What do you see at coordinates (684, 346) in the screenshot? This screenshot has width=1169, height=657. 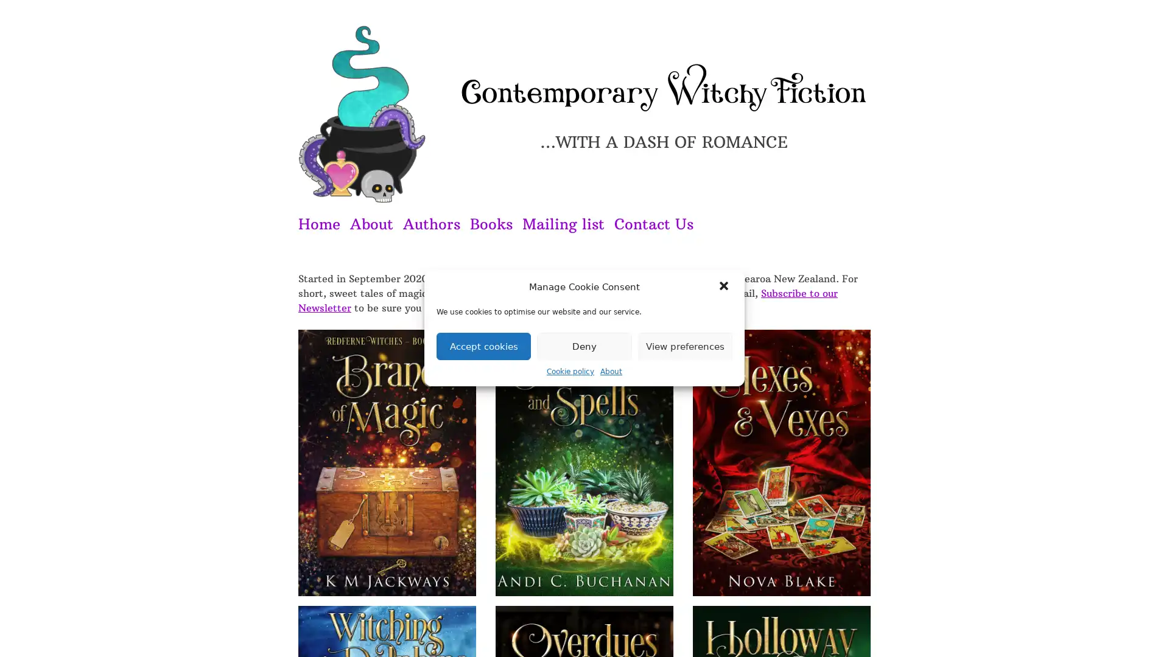 I see `View preferences` at bounding box center [684, 346].